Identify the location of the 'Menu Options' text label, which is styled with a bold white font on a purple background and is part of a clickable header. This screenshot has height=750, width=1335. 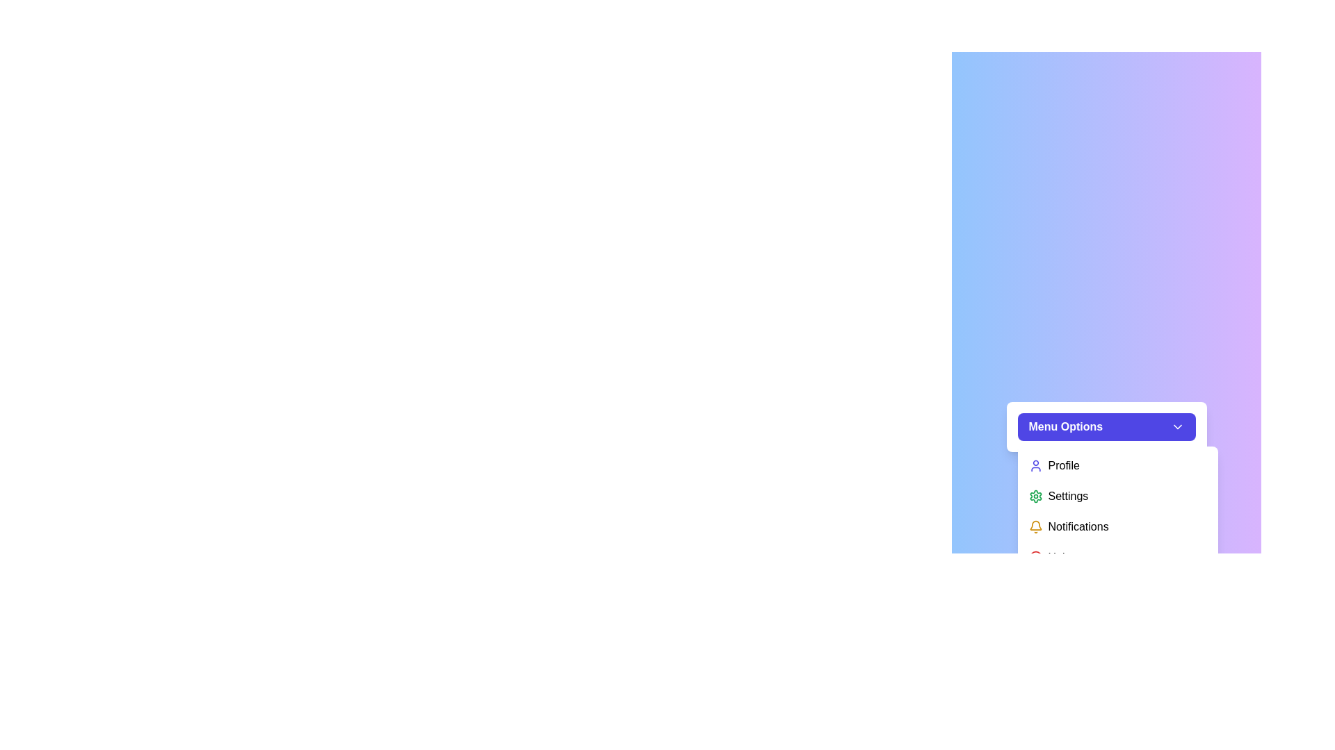
(1065, 426).